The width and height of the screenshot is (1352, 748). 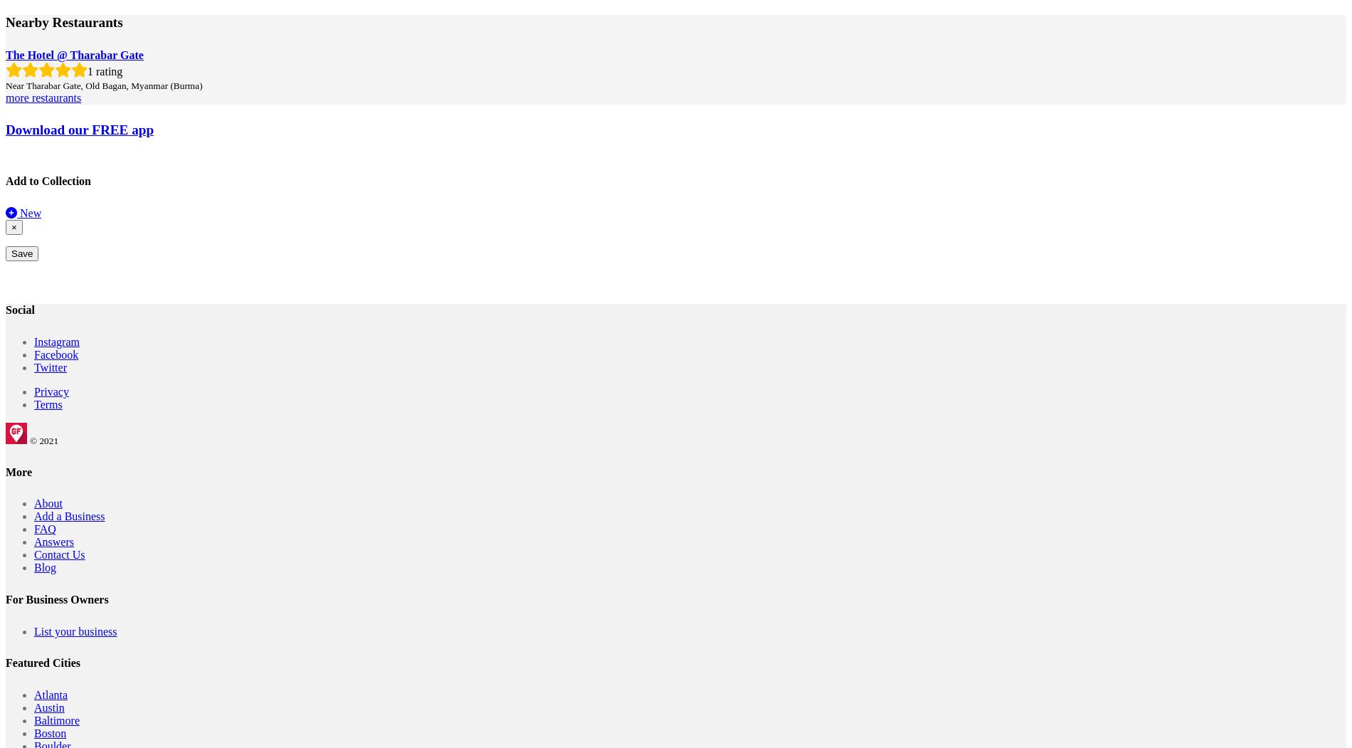 What do you see at coordinates (5, 22) in the screenshot?
I see `'Nearby Restaurants'` at bounding box center [5, 22].